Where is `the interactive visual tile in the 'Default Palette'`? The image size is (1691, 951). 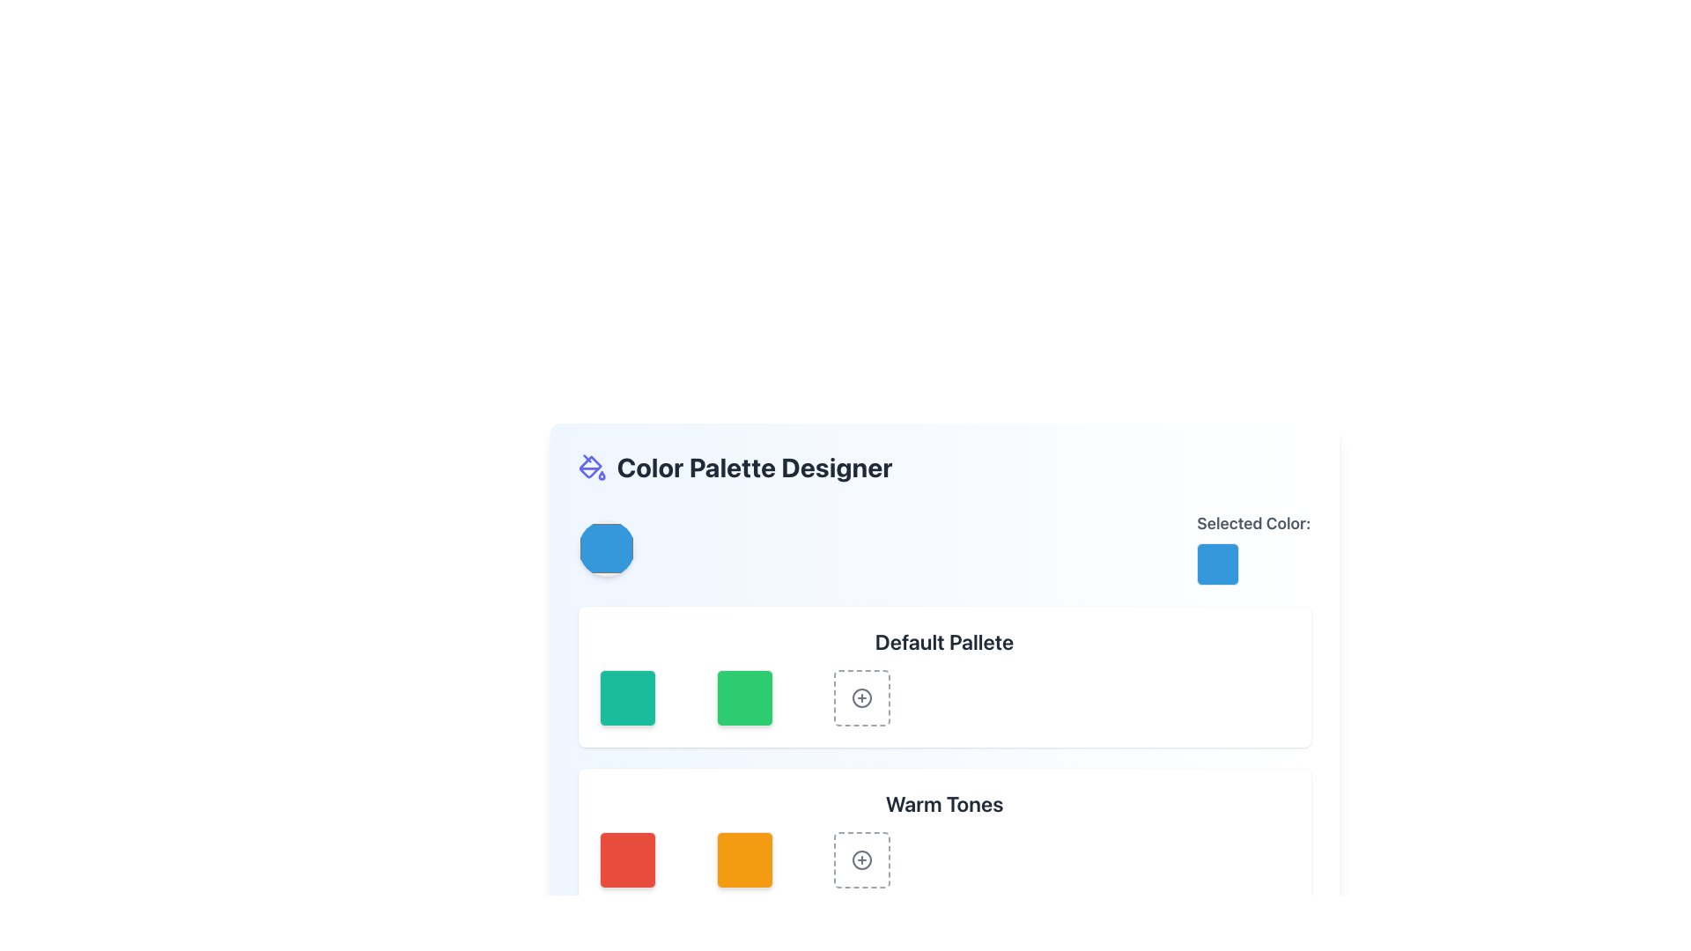 the interactive visual tile in the 'Default Palette' is located at coordinates (627, 697).